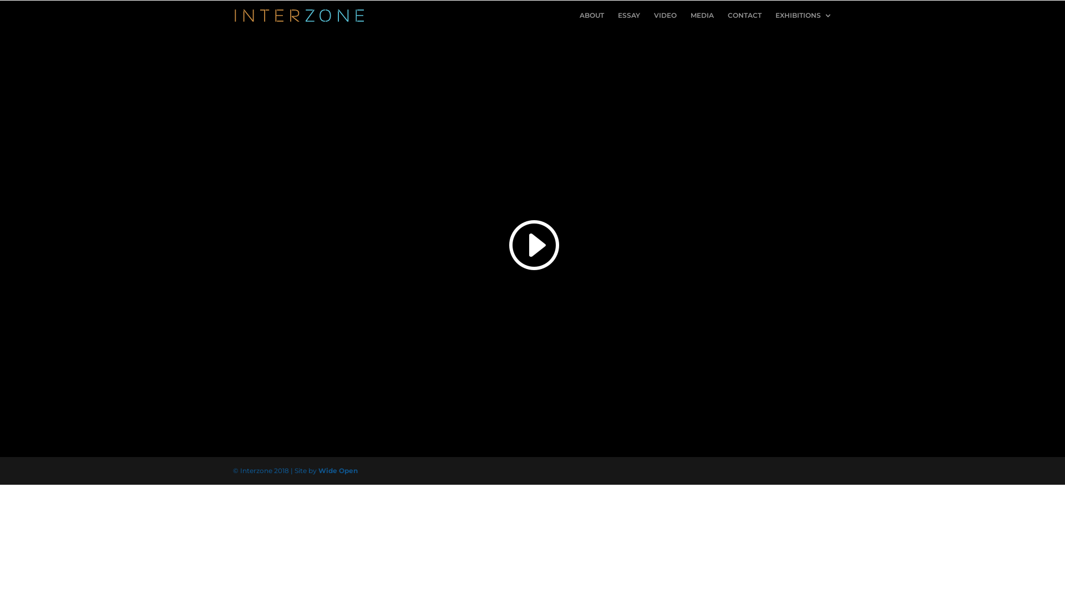 The width and height of the screenshot is (1065, 599). I want to click on 'CONTACT', so click(744, 21).